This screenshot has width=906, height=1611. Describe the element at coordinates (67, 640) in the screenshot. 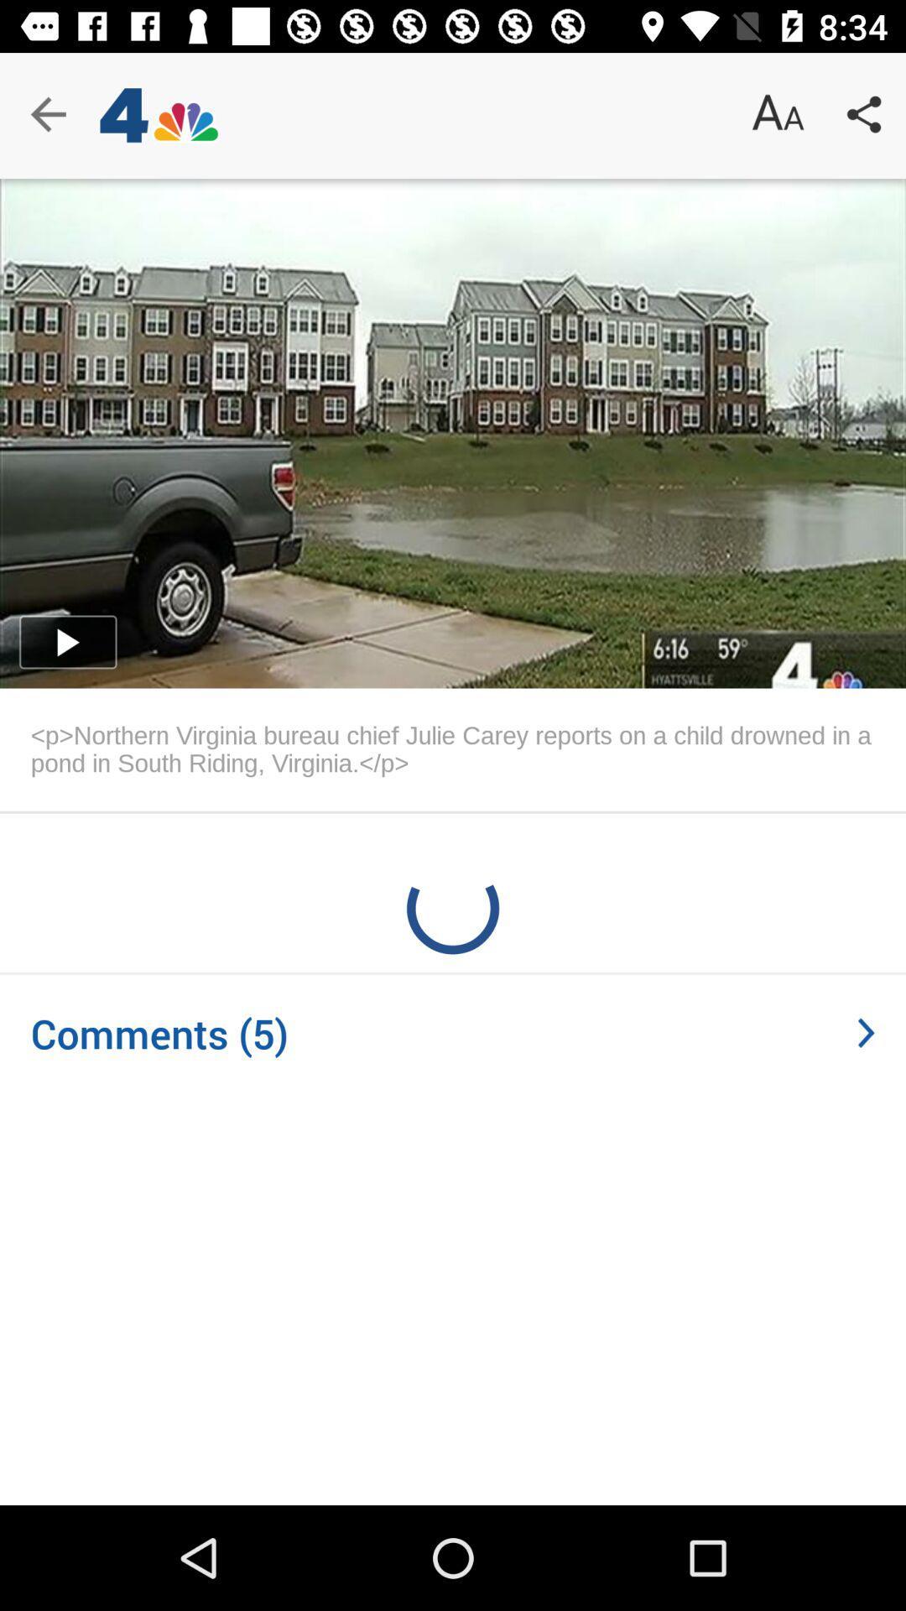

I see `the play icon` at that location.